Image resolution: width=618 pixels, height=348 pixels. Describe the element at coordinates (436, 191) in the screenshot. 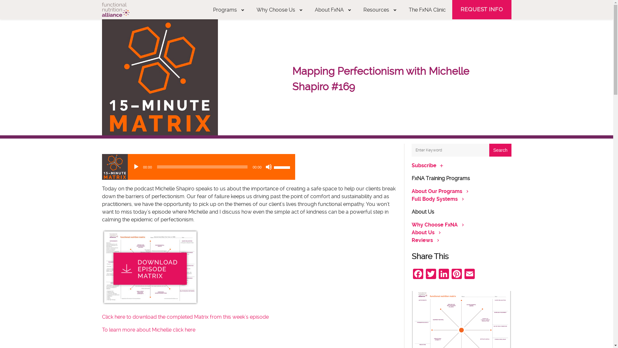

I see `'About Our Programs'` at that location.